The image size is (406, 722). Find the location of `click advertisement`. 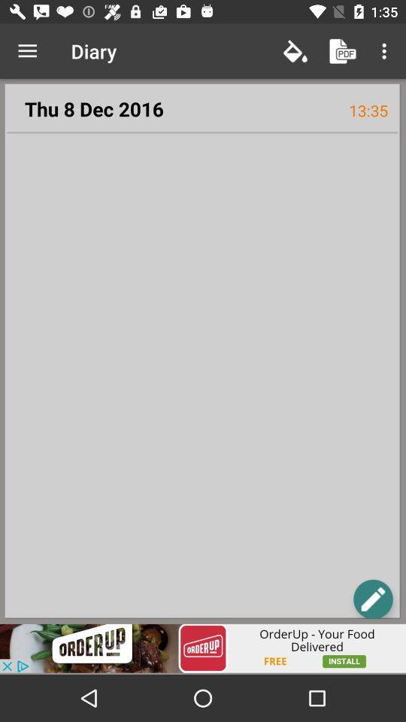

click advertisement is located at coordinates (203, 648).